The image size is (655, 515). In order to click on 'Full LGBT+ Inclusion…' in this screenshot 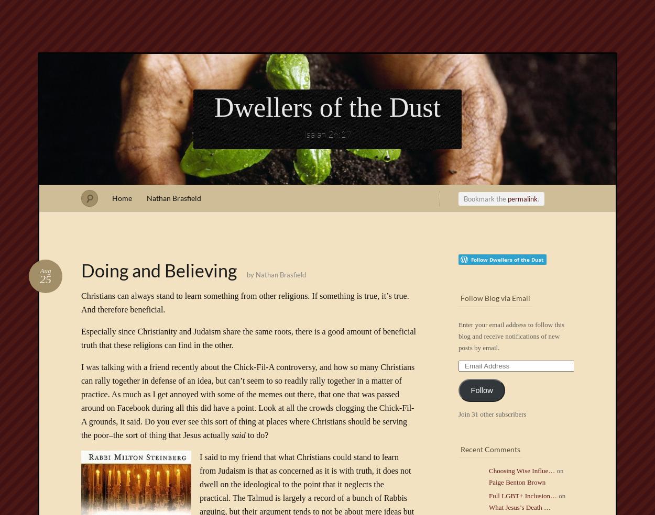, I will do `click(522, 496)`.